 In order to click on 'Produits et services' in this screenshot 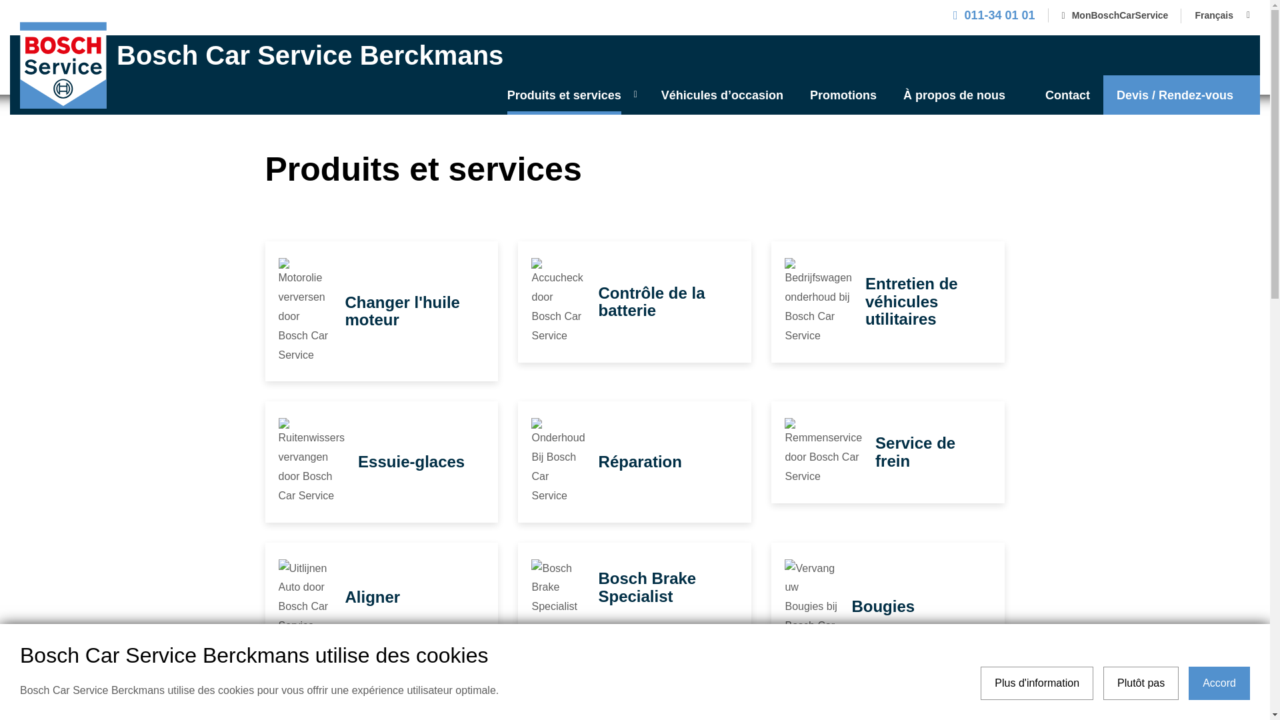, I will do `click(571, 94)`.